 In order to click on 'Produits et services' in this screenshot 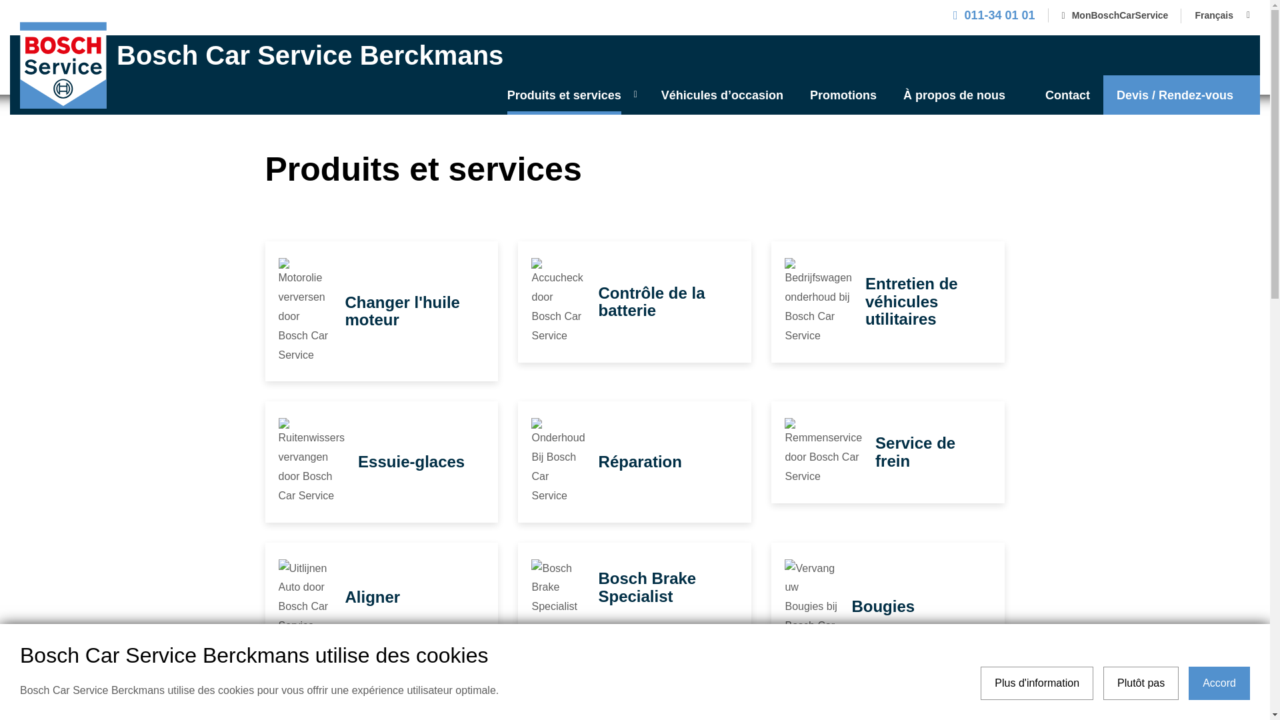, I will do `click(571, 94)`.